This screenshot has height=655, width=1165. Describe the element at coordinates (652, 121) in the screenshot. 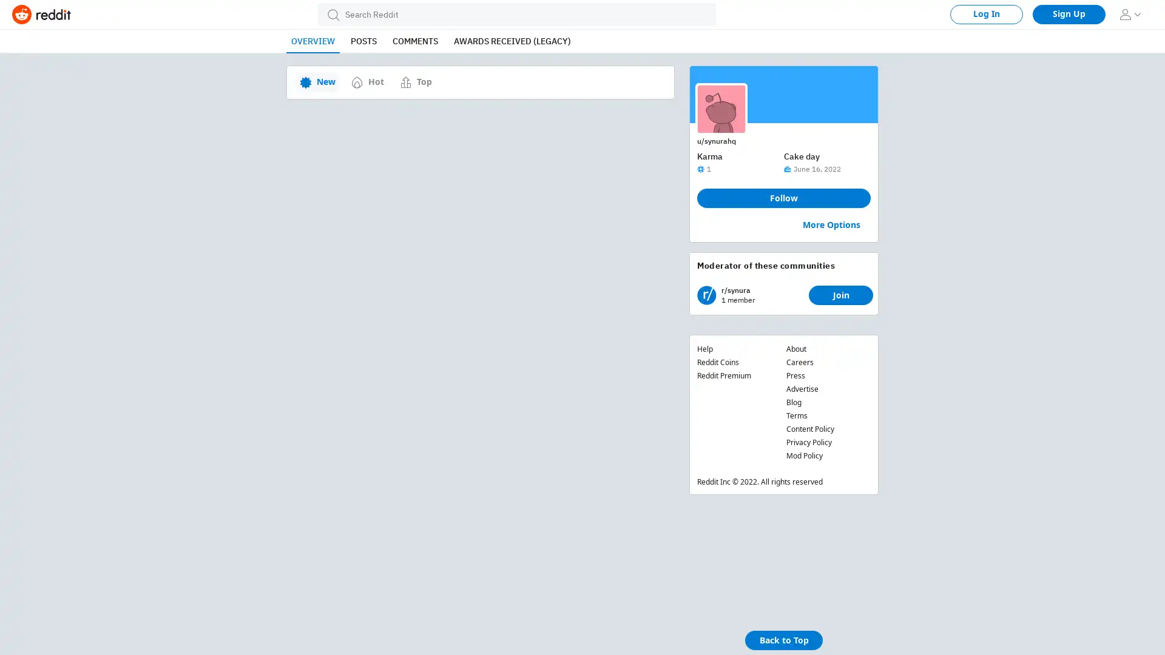

I see `Join` at that location.